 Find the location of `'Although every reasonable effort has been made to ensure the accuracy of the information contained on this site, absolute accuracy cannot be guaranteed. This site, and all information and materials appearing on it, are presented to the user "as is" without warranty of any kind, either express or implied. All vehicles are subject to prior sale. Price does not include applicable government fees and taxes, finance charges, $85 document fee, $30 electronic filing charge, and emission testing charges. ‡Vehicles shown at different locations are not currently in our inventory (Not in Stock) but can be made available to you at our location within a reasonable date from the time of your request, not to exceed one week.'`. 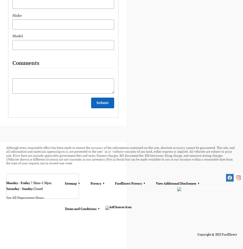

'Although every reasonable effort has been made to ensure the accuracy of the information contained on this site, absolute accuracy cannot be guaranteed. This site, and all information and materials appearing on it, are presented to the user "as is" without warranty of any kind, either express or implied. All vehicles are subject to prior sale. Price does not include applicable government fees and taxes, finance charges, $85 document fee, $30 electronic filing charge, and emission testing charges. ‡Vehicles shown at different locations are not currently in our inventory (Not in Stock) but can be made available to you at our location within a reasonable date from the time of your request, not to exceed one week.' is located at coordinates (6, 155).